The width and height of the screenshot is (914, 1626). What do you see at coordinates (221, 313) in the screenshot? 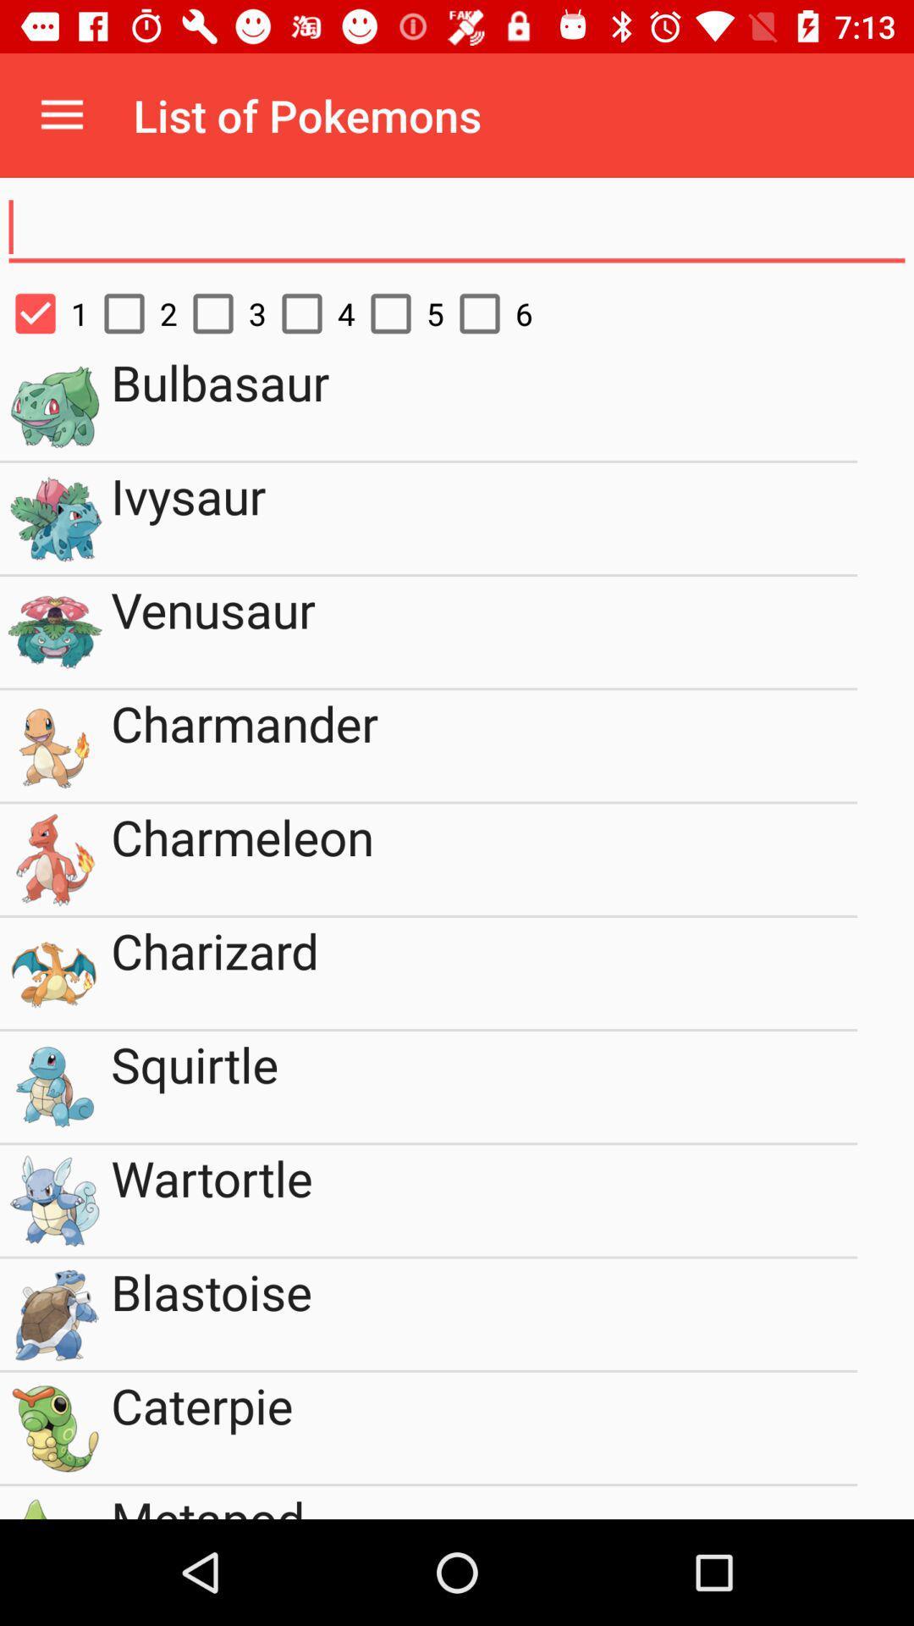
I see `the item to the left of 4 item` at bounding box center [221, 313].